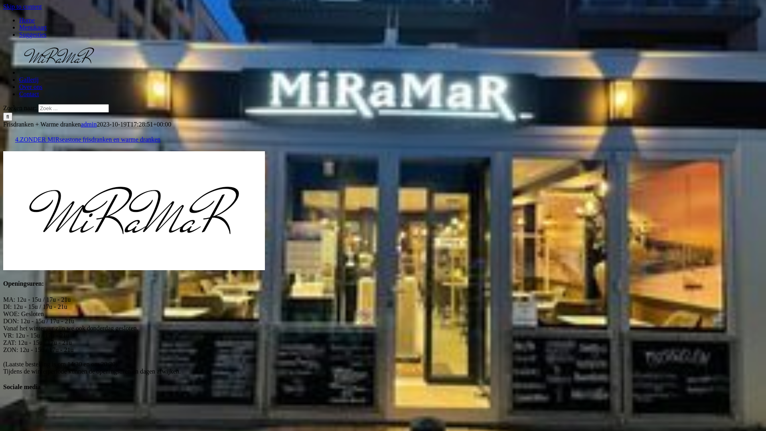 The width and height of the screenshot is (766, 431). What do you see at coordinates (88, 139) in the screenshot?
I see `'4.ZONDER MIRseastone frisdranken en warme dranken'` at bounding box center [88, 139].